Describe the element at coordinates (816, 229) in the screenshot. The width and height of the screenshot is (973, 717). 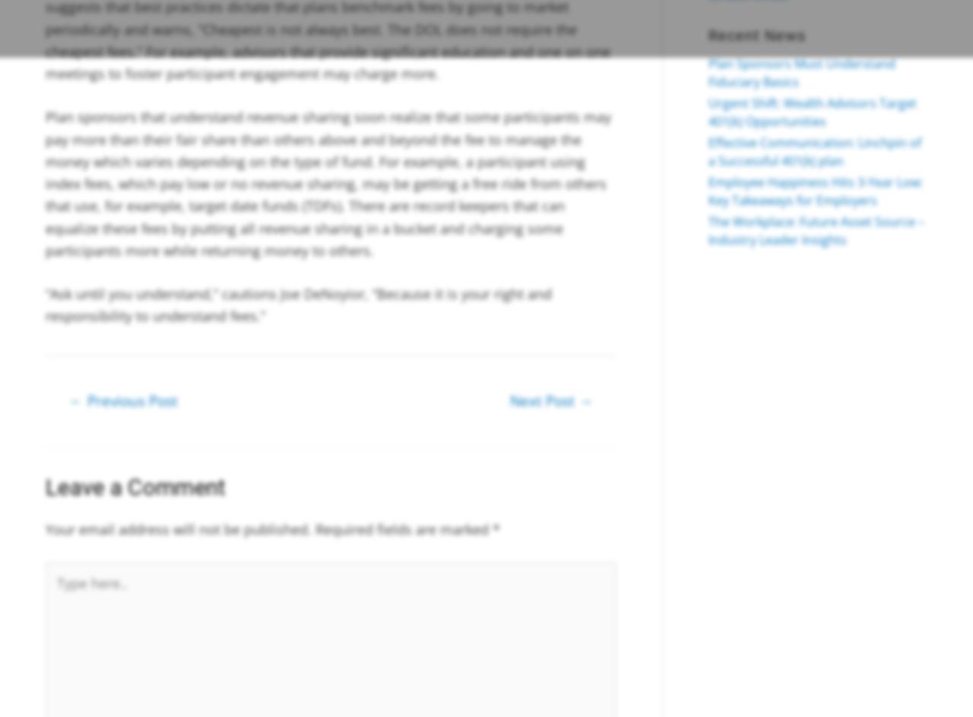
I see `'The Workplace: Future Asset Source – Industry Leader Insights'` at that location.